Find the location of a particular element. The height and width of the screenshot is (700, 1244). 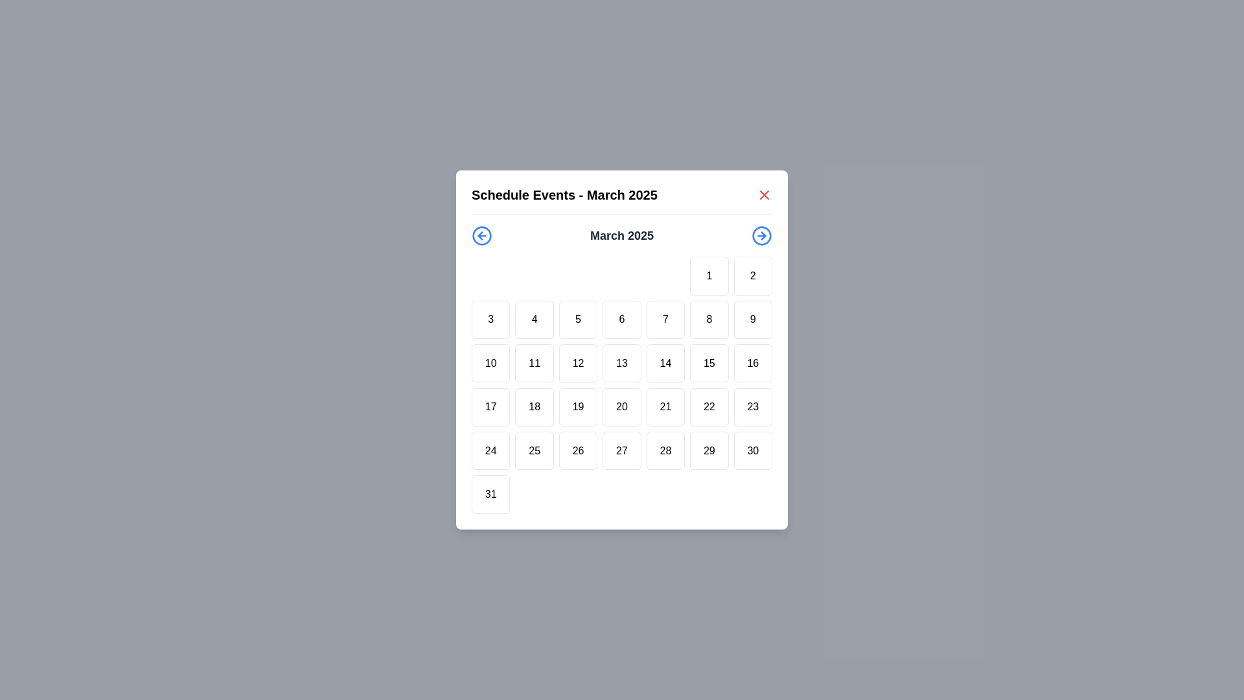

the square button with rounded corners containing the number '24' in black text, located in the sixth row and first column of a grid of 7 columns is located at coordinates (490, 450).